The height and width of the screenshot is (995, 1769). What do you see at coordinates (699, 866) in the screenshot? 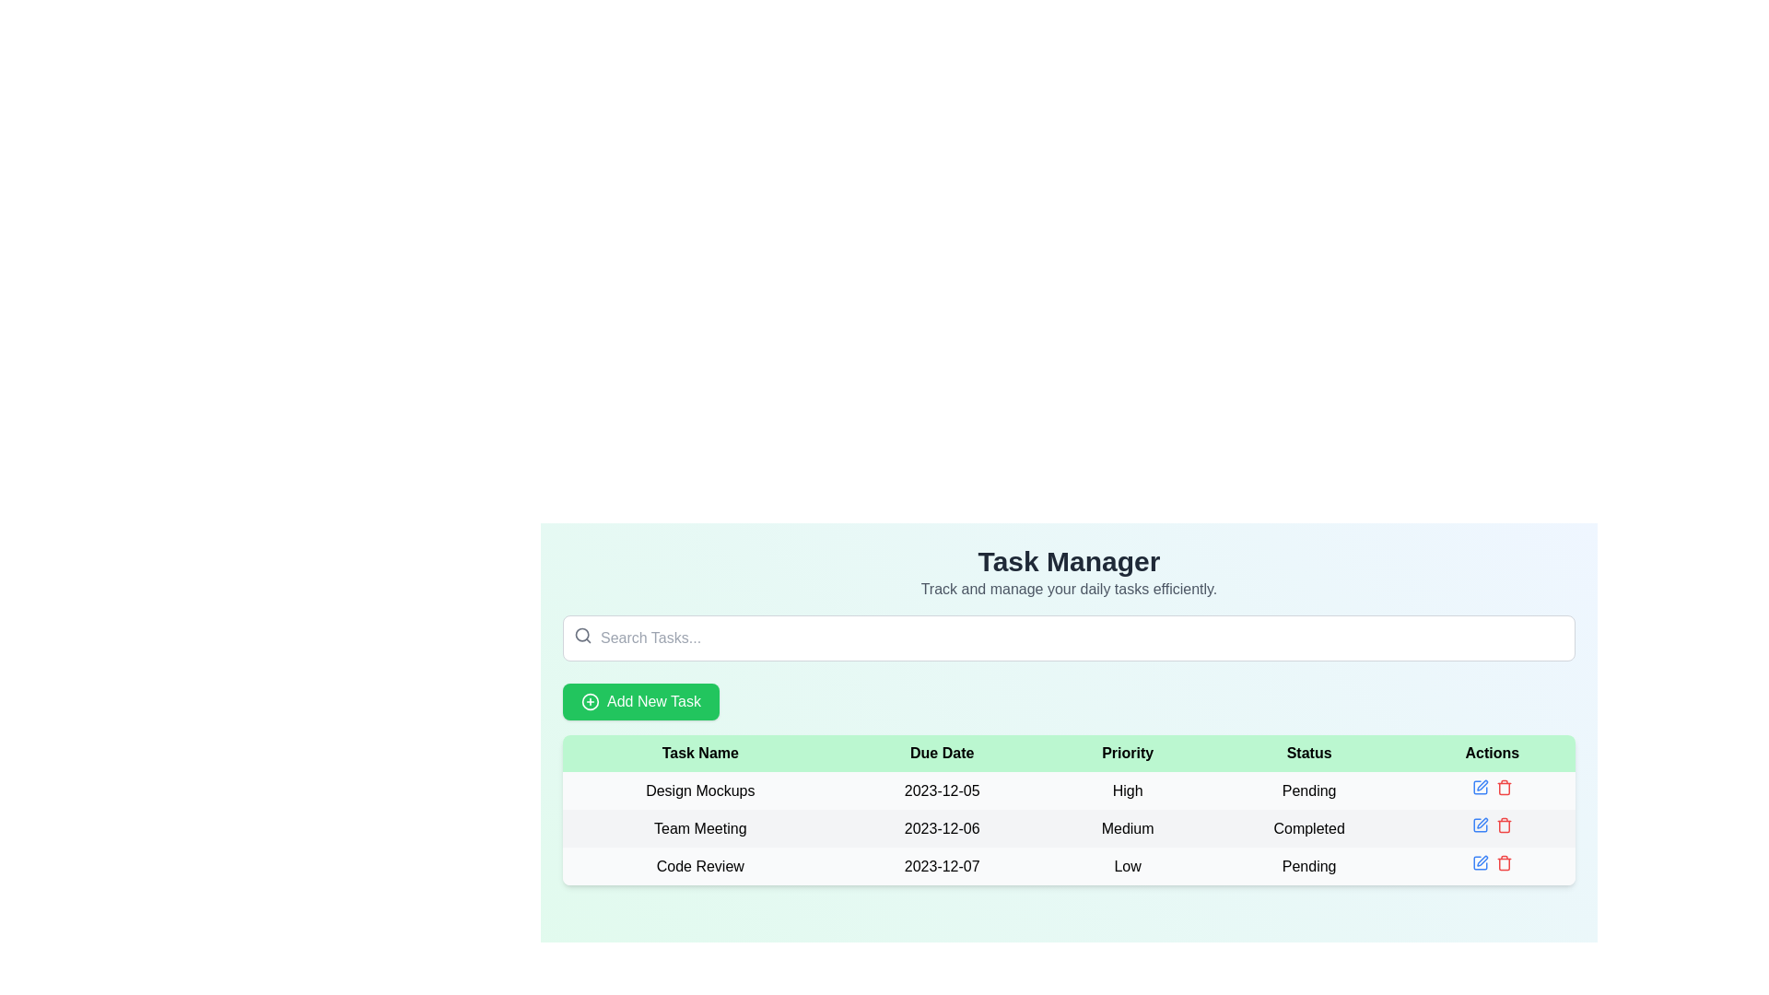
I see `the 'Code Review' text label located in the 'Task Name' column of the tasks table in the row for the due date '2023-12-07'` at bounding box center [699, 866].